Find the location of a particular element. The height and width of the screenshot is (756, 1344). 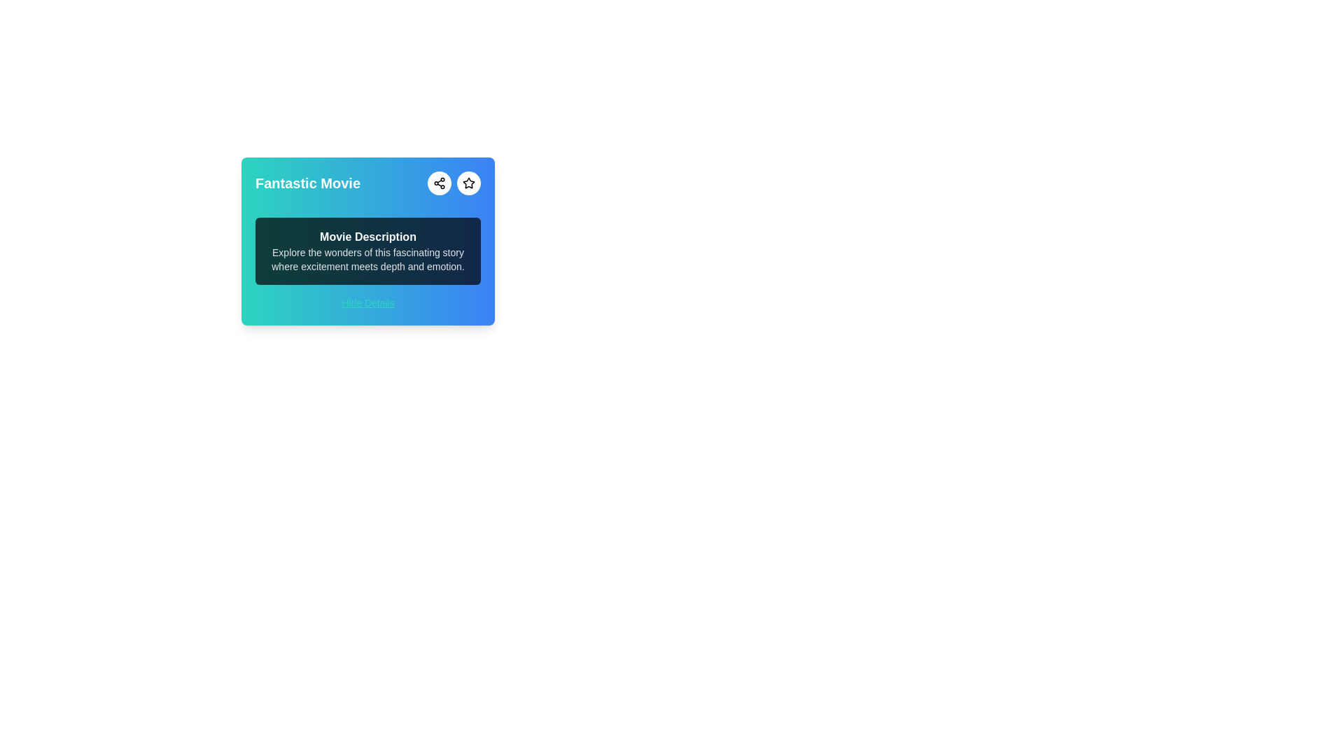

the content of the descriptive text block located below the title 'Fantastic Movie' and above the link 'Hide Details' is located at coordinates (368, 250).